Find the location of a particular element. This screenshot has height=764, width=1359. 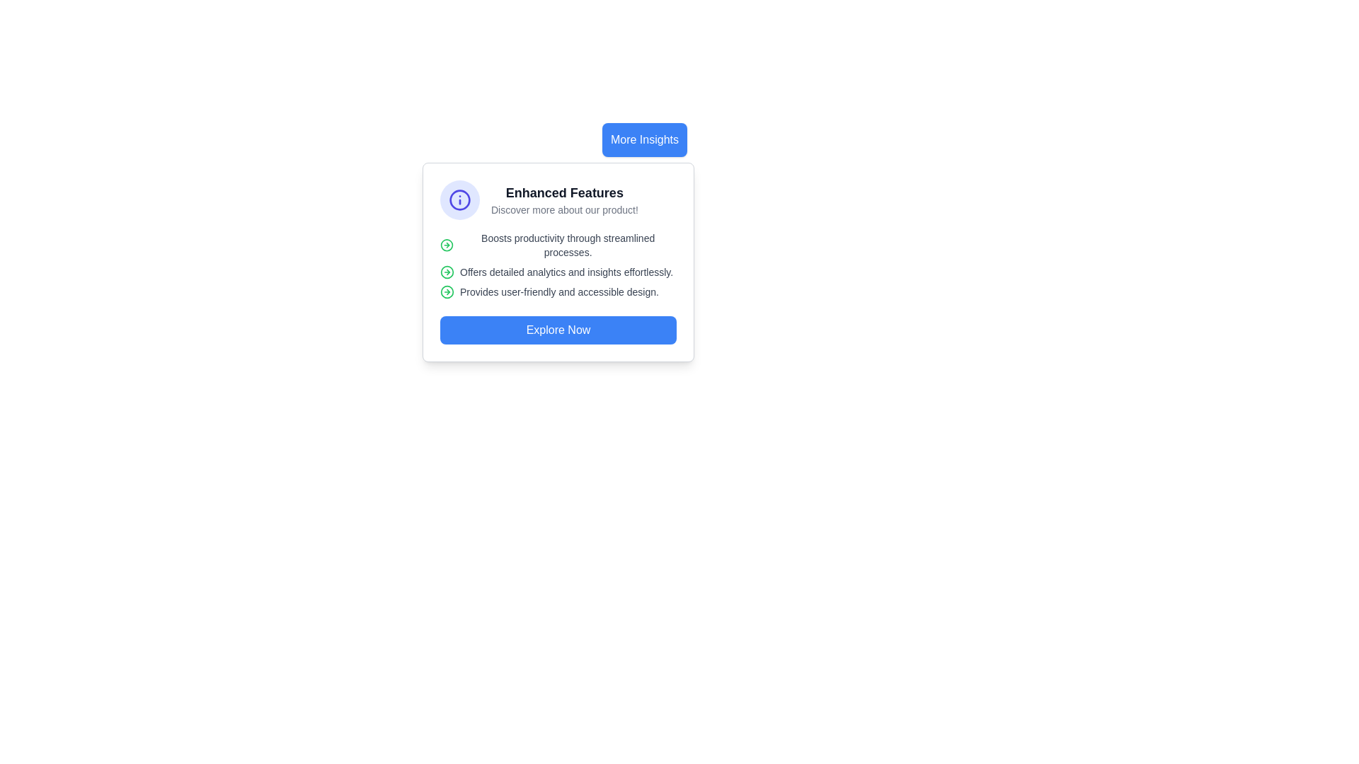

the outermost circular graphic element within the SVG structure of the right-pointing arrow icon is located at coordinates (446, 245).